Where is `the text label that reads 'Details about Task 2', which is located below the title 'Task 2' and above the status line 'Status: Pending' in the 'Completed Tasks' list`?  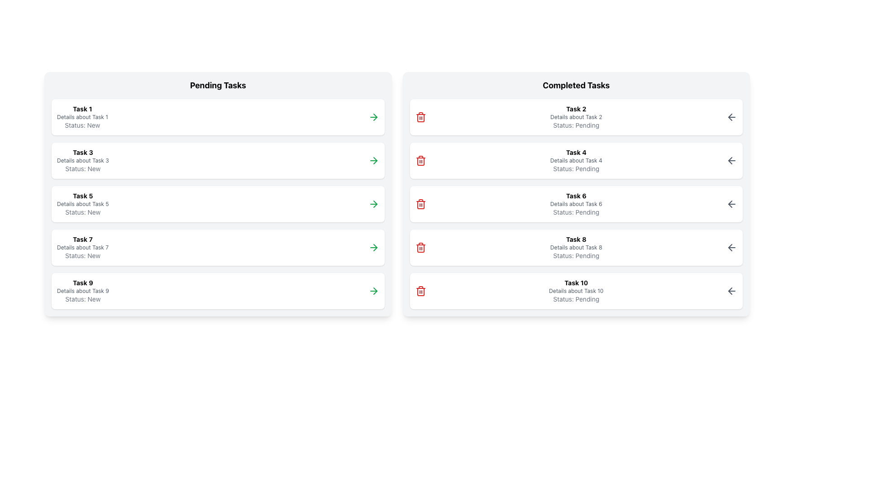 the text label that reads 'Details about Task 2', which is located below the title 'Task 2' and above the status line 'Status: Pending' in the 'Completed Tasks' list is located at coordinates (576, 116).